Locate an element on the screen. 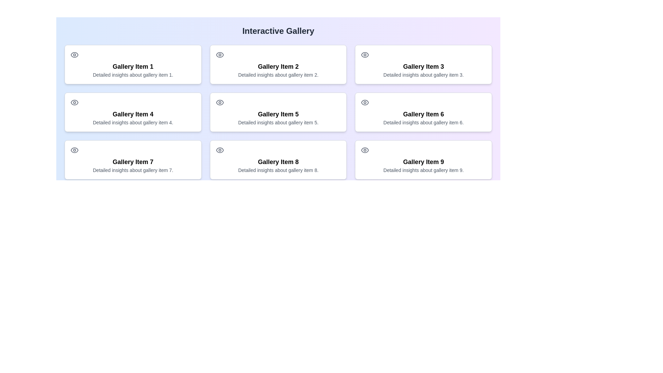  text label displaying 'Gallery Item 2' which is centrally located within the second card of the first row in a 3x3 gallery grid is located at coordinates (278, 66).